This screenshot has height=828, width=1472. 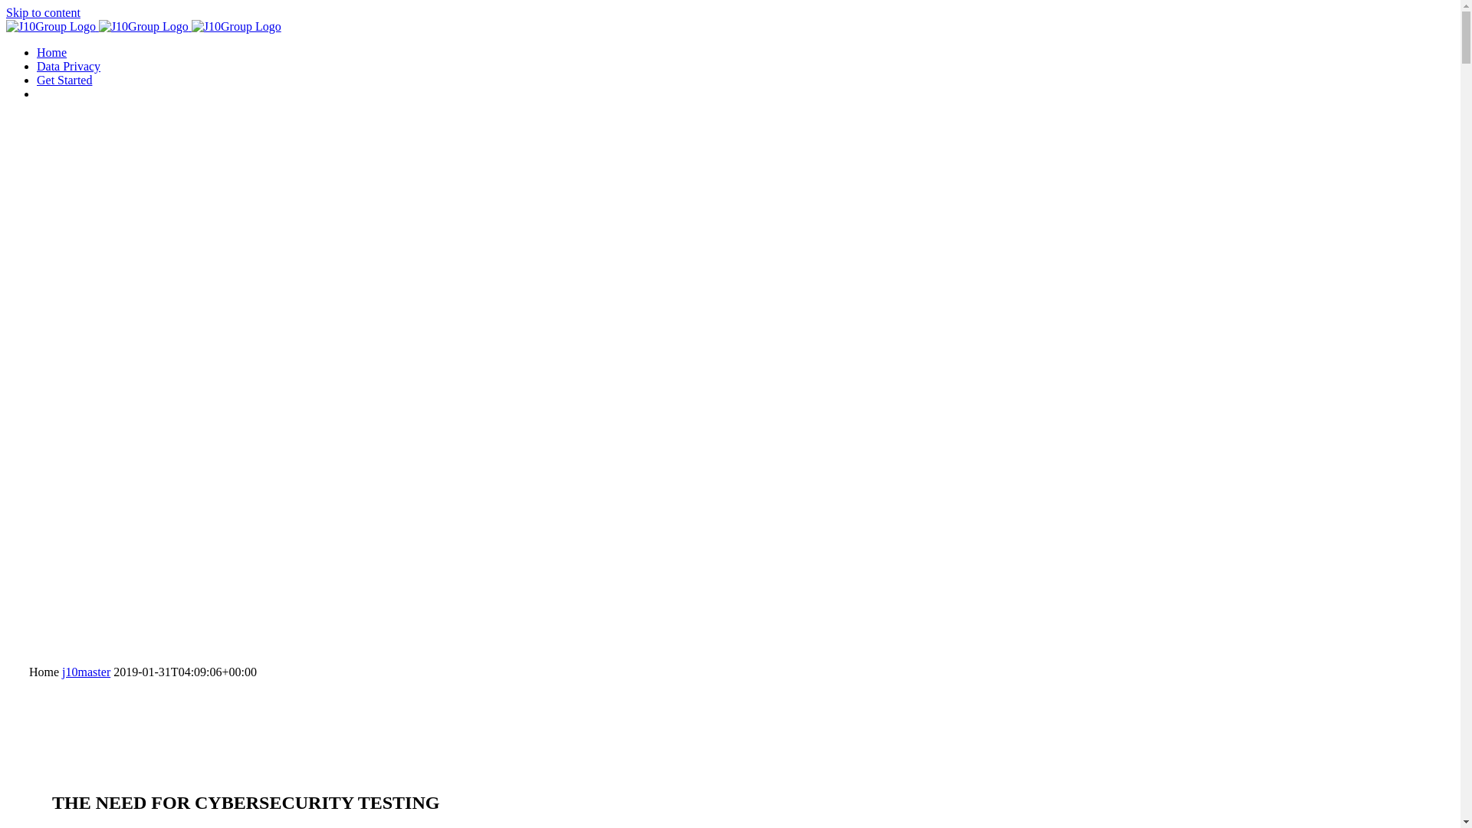 What do you see at coordinates (61, 671) in the screenshot?
I see `'j10master'` at bounding box center [61, 671].